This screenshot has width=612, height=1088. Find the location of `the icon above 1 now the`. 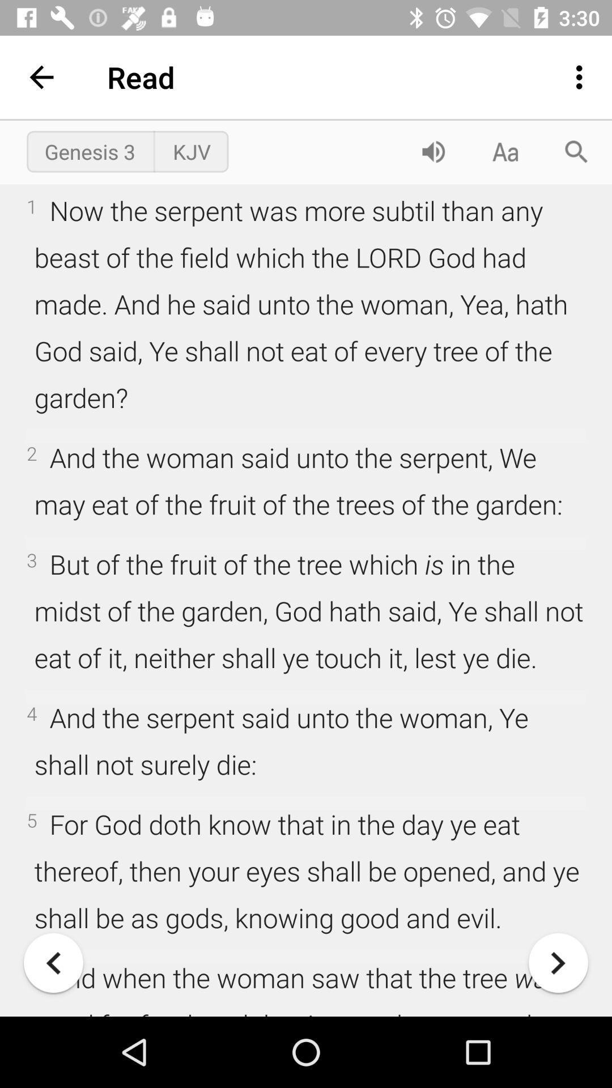

the icon above 1 now the is located at coordinates (89, 151).